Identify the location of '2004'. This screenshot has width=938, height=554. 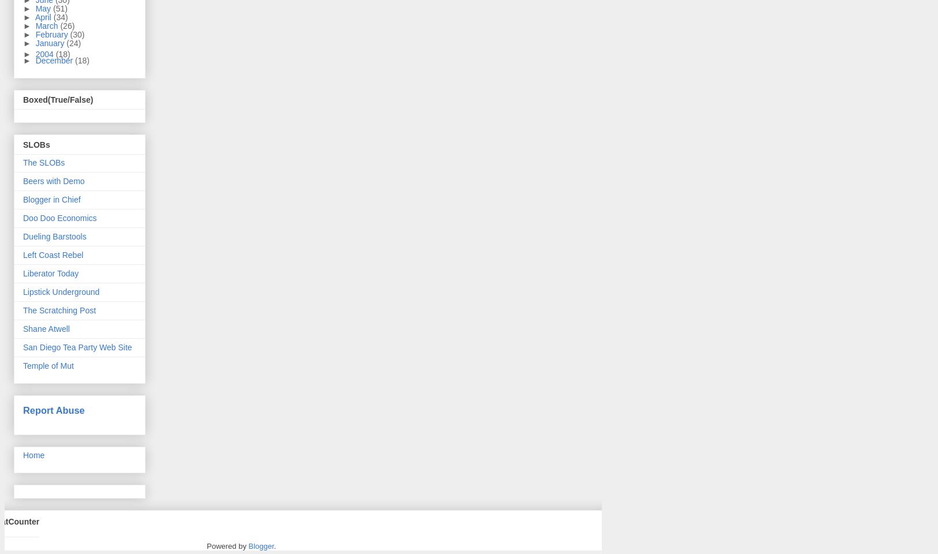
(35, 54).